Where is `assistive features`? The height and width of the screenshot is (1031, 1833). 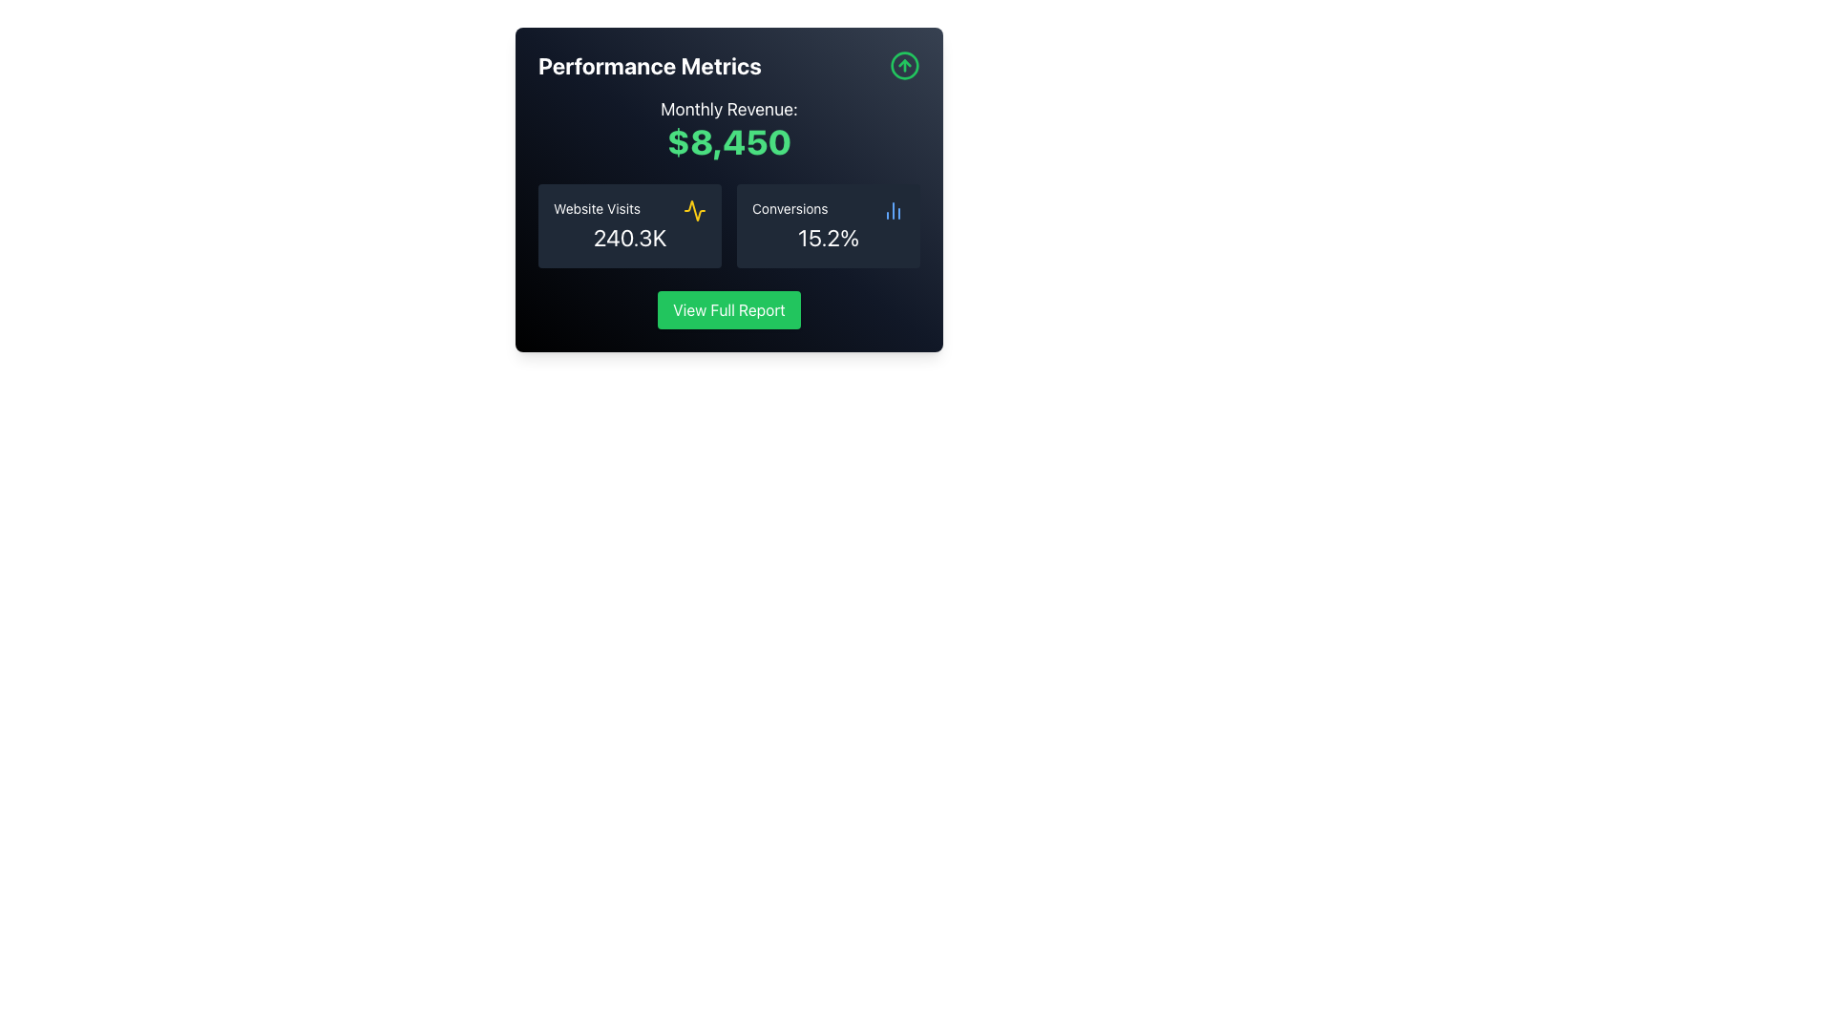 assistive features is located at coordinates (829, 224).